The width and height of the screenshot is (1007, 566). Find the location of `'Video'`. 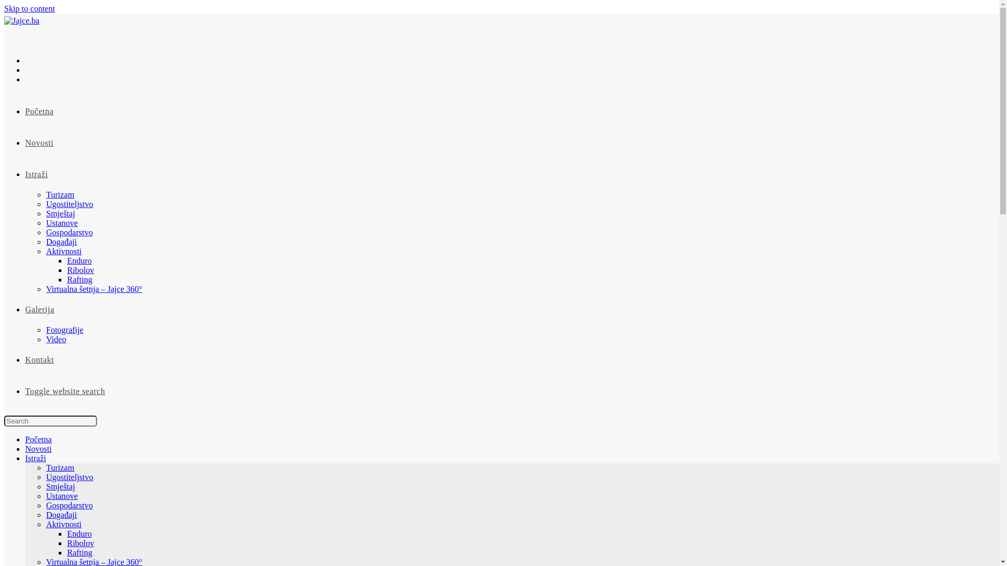

'Video' is located at coordinates (45, 339).